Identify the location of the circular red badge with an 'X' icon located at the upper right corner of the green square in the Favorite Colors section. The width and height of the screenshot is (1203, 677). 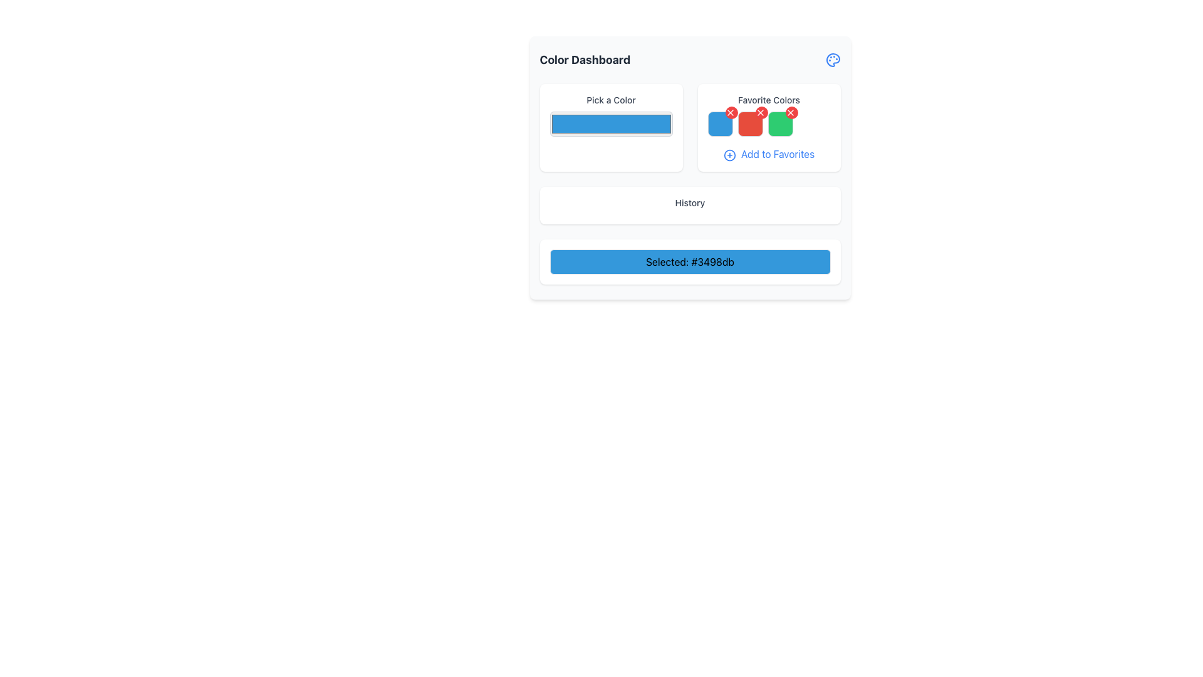
(791, 113).